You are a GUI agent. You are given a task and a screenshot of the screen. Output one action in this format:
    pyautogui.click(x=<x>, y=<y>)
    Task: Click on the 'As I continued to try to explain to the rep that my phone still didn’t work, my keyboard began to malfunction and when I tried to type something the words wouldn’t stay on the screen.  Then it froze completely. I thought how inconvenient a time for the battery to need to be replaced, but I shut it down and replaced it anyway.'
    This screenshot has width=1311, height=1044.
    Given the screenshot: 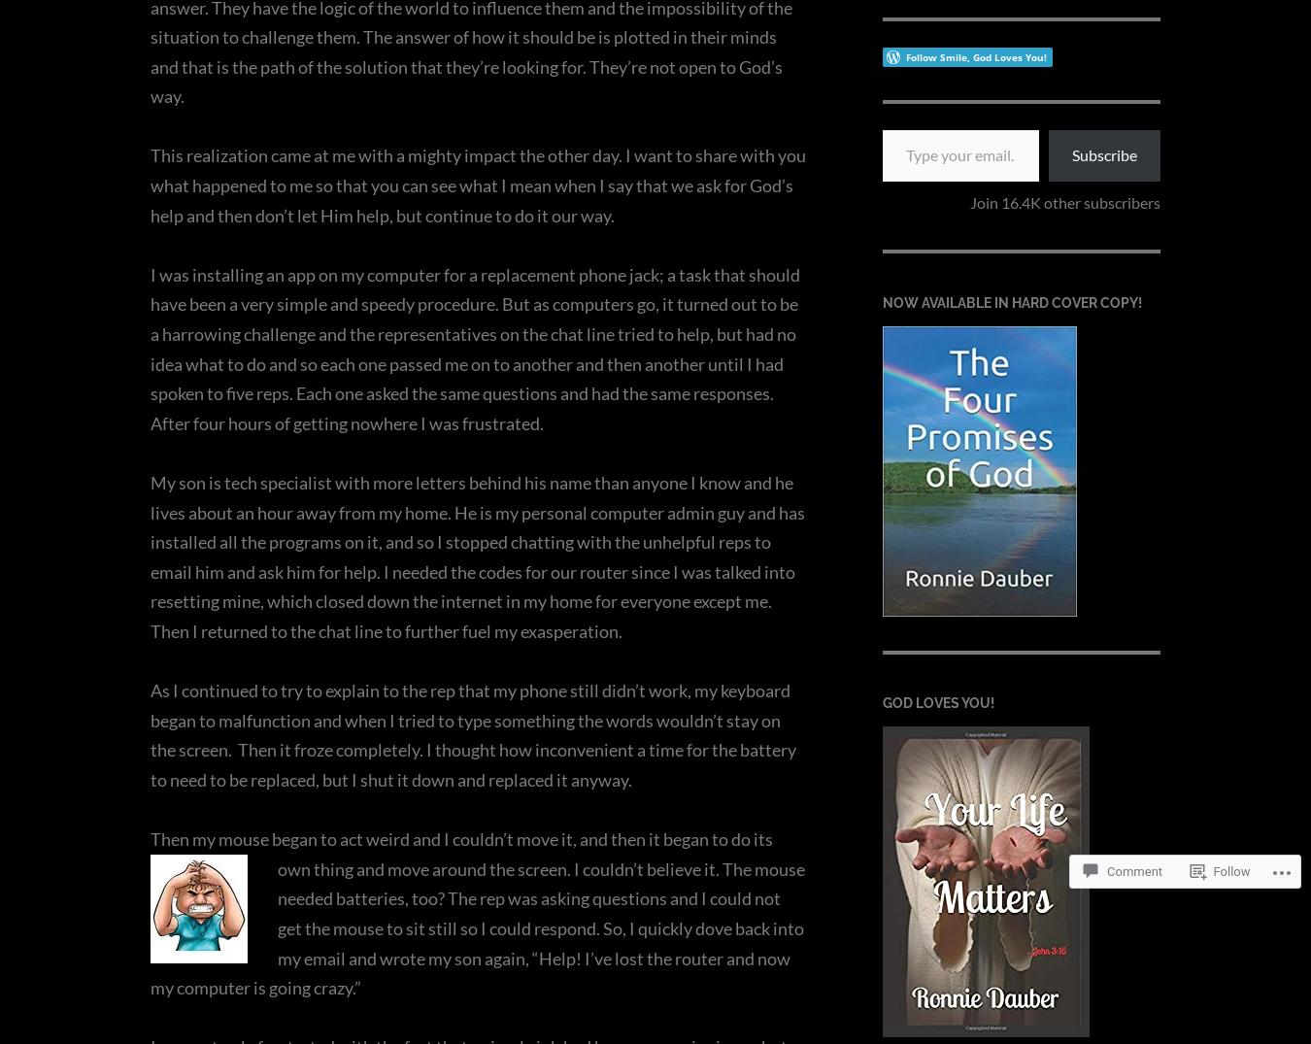 What is the action you would take?
    pyautogui.click(x=472, y=734)
    